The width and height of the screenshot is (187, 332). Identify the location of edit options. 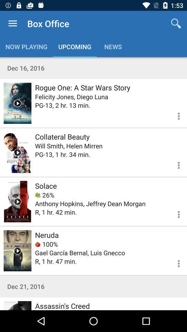
(174, 213).